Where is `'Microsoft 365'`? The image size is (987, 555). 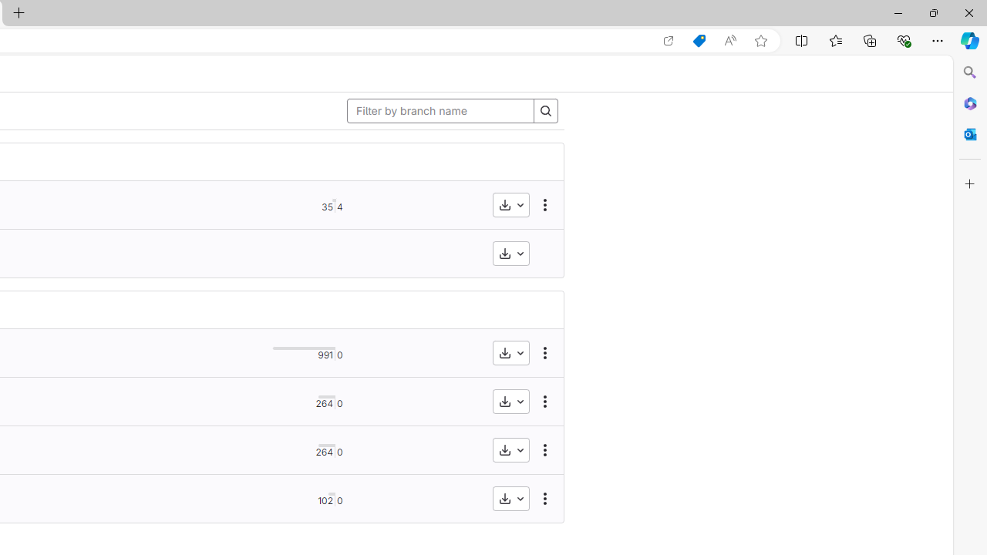 'Microsoft 365' is located at coordinates (969, 103).